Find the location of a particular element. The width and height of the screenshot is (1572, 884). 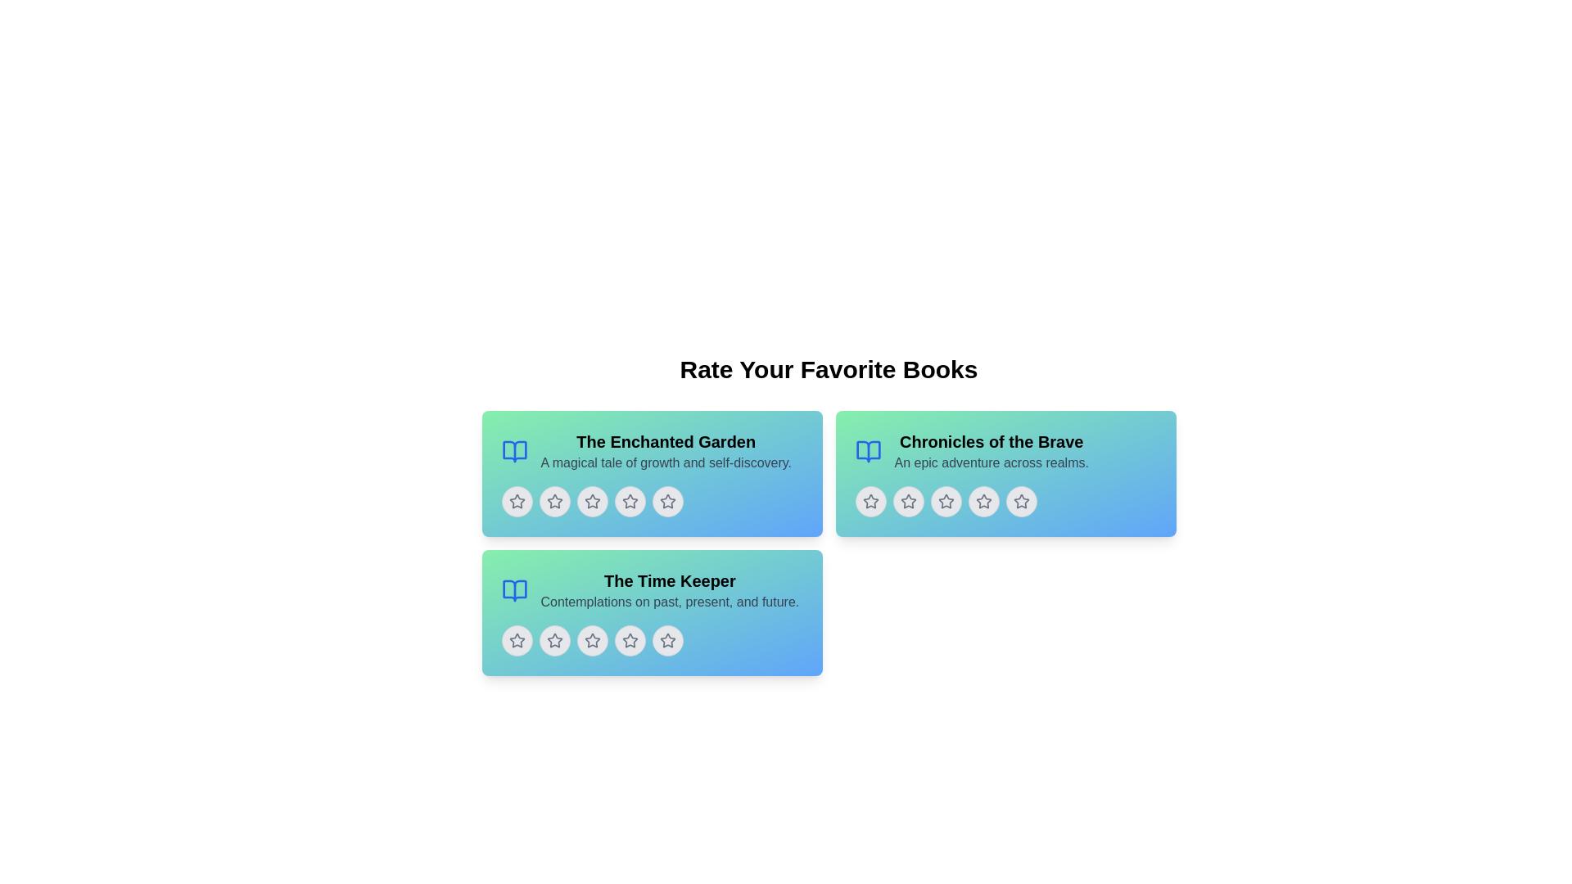

the text element titled 'The Enchanted Garden' is located at coordinates (666, 451).